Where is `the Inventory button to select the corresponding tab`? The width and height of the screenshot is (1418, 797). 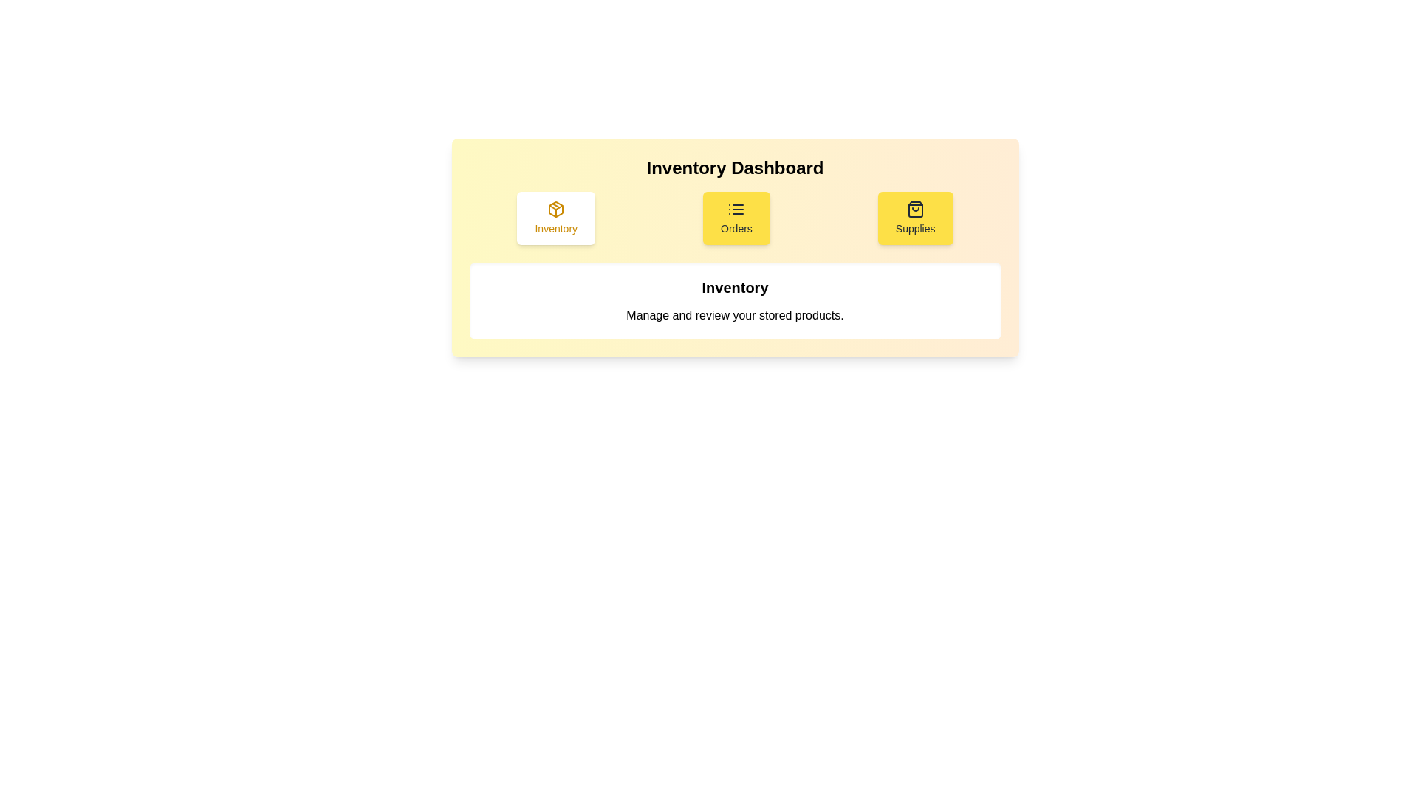 the Inventory button to select the corresponding tab is located at coordinates (555, 218).